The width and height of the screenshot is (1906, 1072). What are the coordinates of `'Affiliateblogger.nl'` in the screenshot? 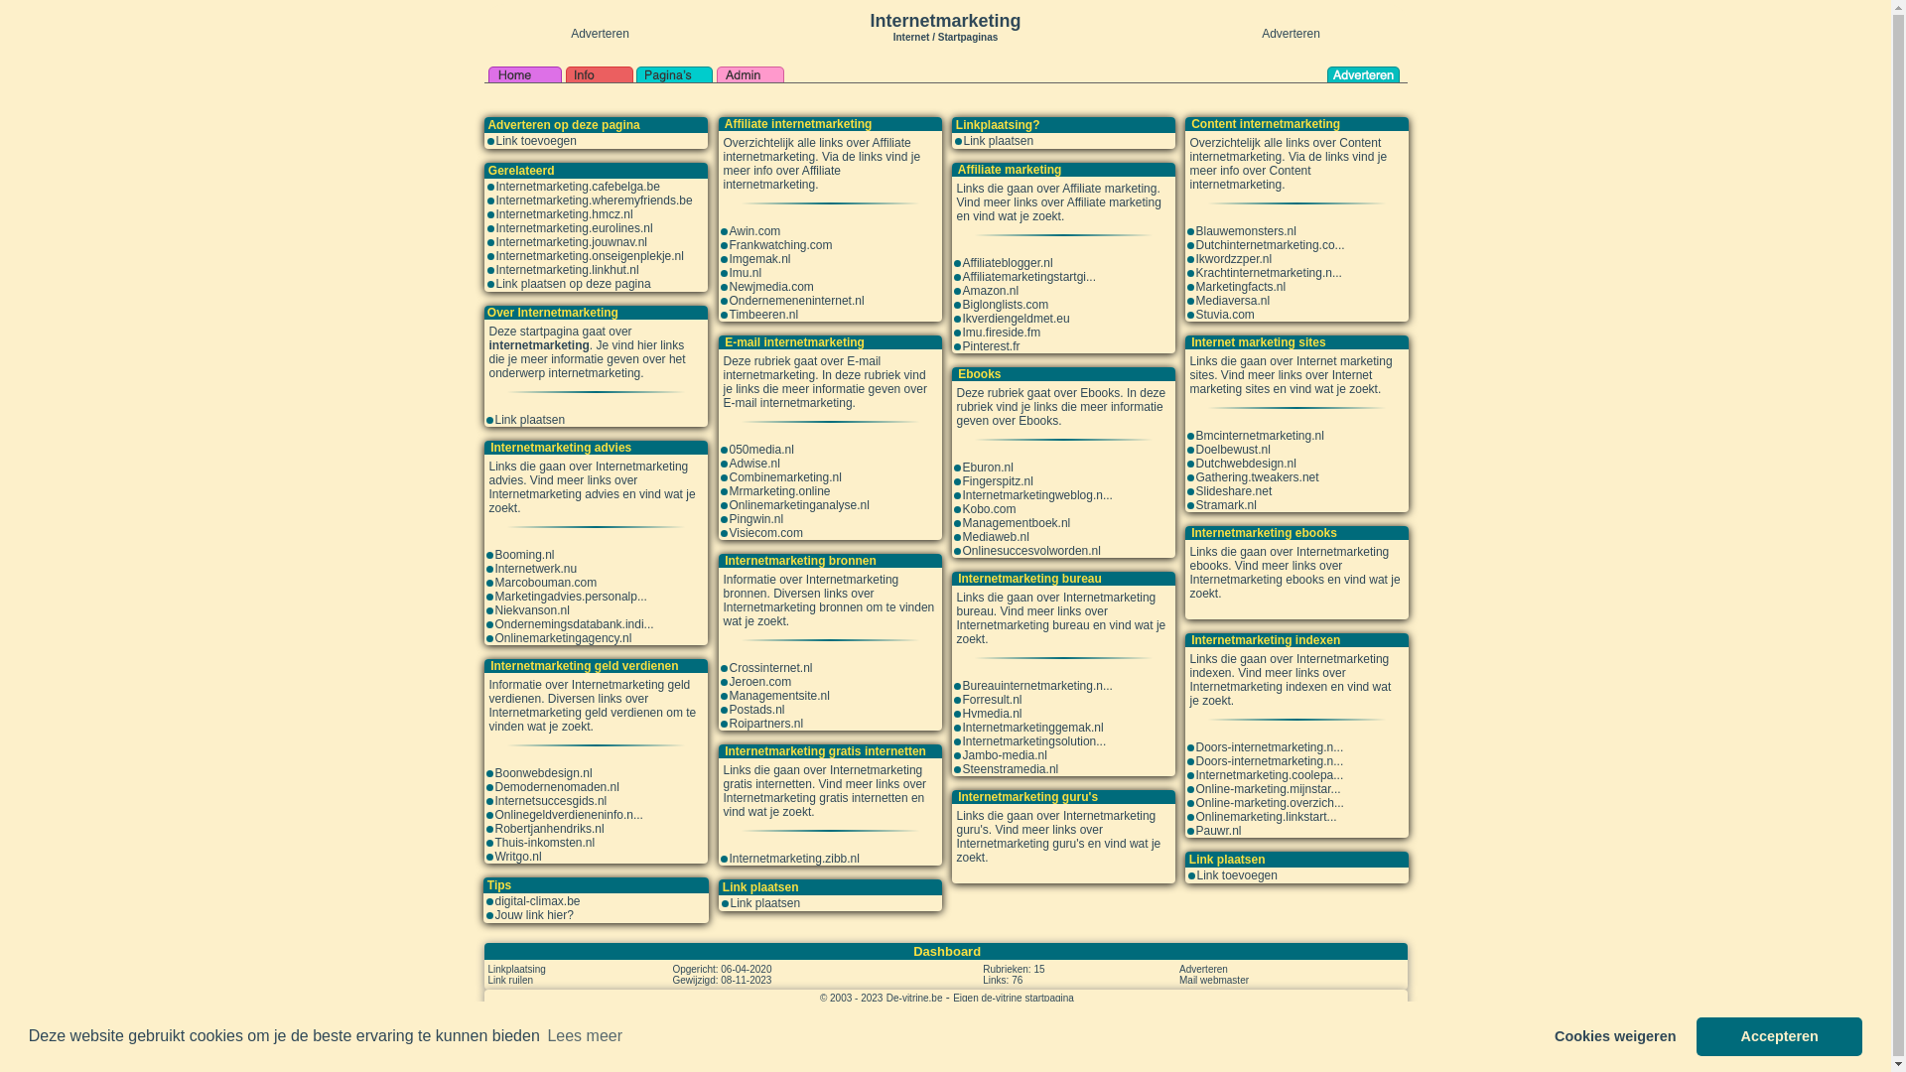 It's located at (1008, 262).